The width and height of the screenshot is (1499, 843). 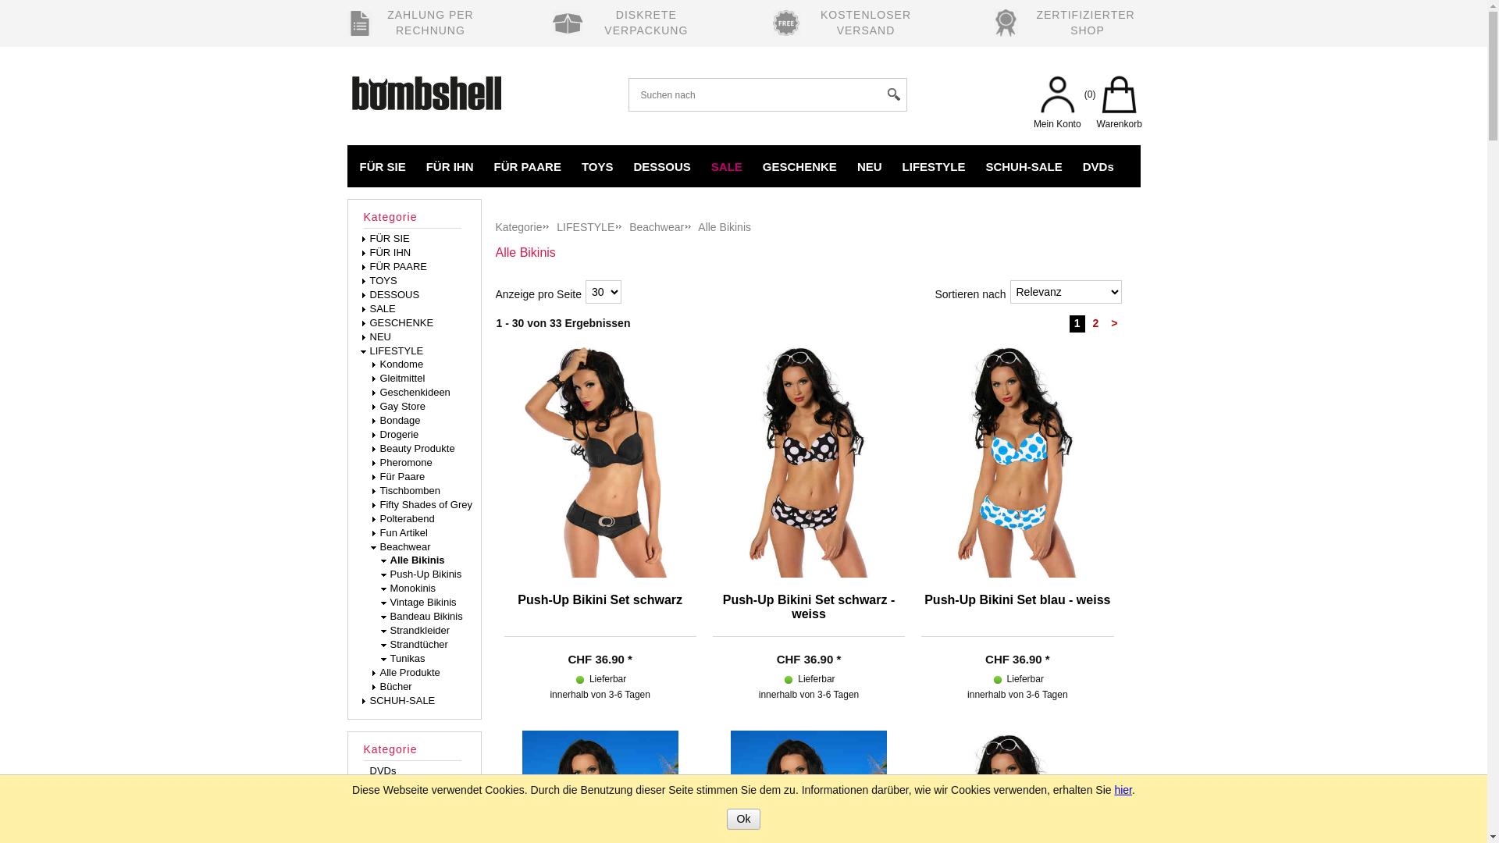 What do you see at coordinates (418, 749) in the screenshot?
I see `'Kategorie'` at bounding box center [418, 749].